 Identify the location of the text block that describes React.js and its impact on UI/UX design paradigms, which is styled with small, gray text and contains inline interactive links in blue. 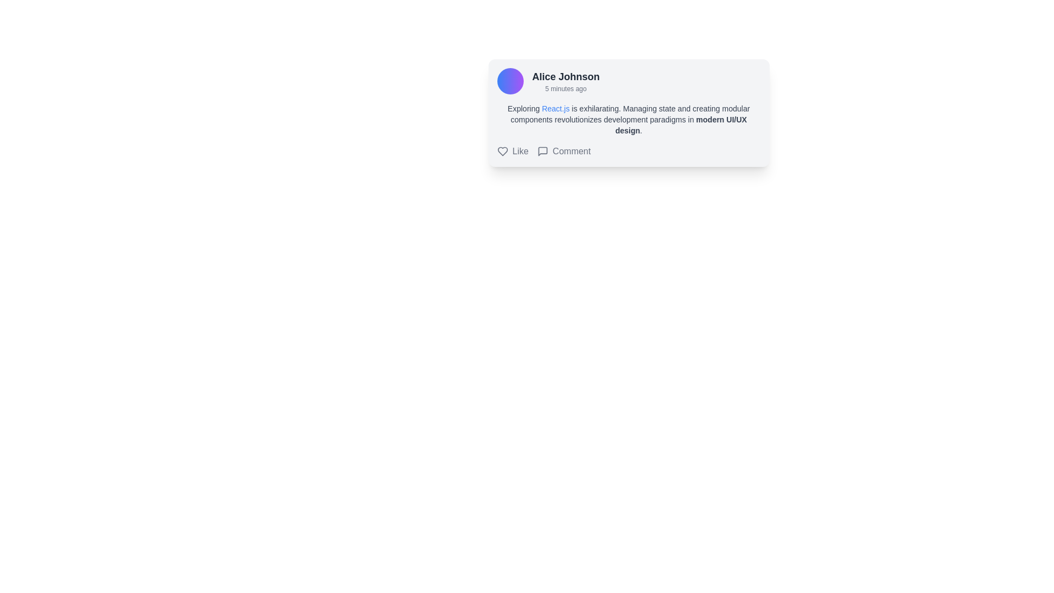
(629, 120).